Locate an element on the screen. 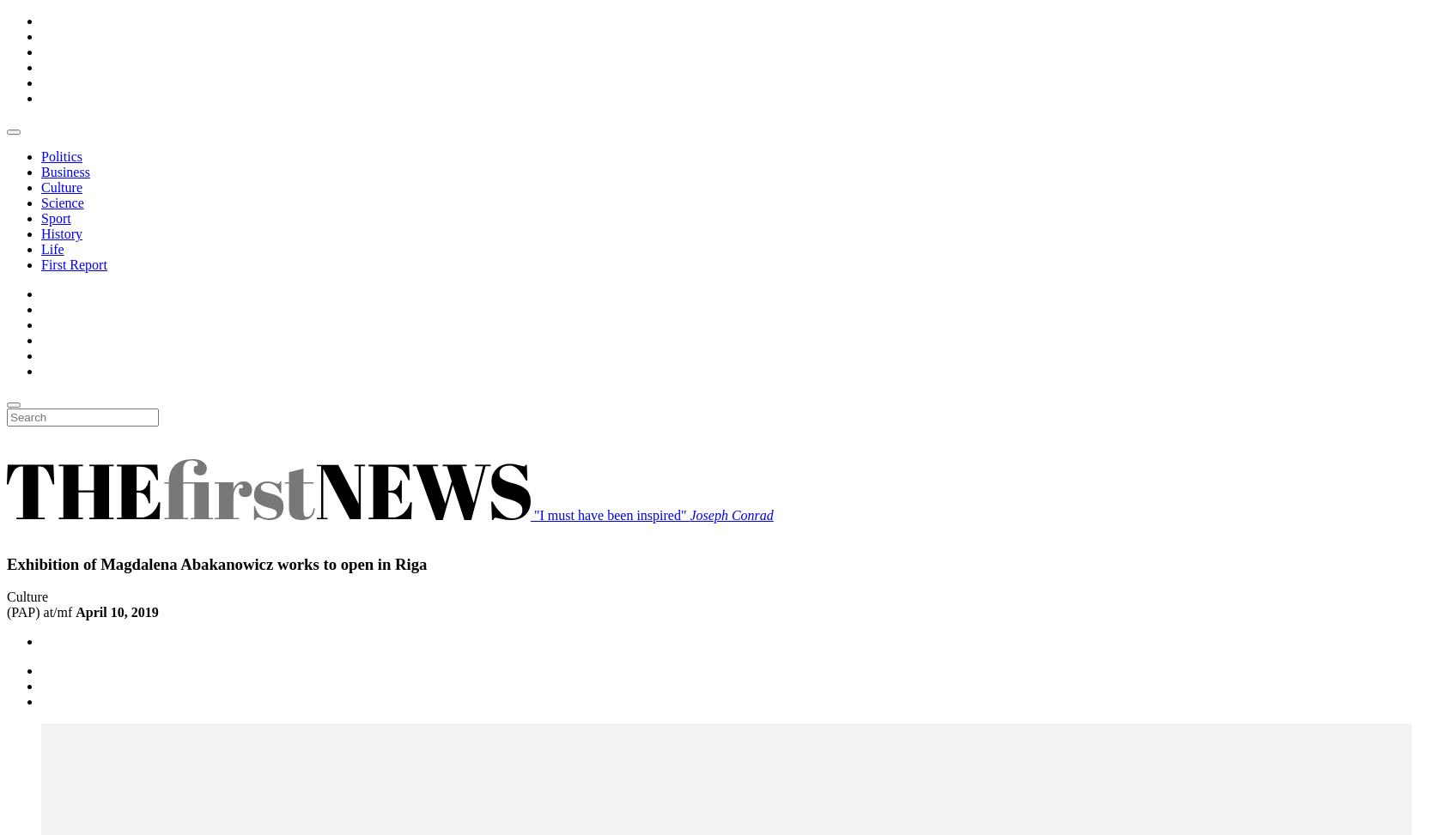  'Joseph Conrad' is located at coordinates (730, 514).